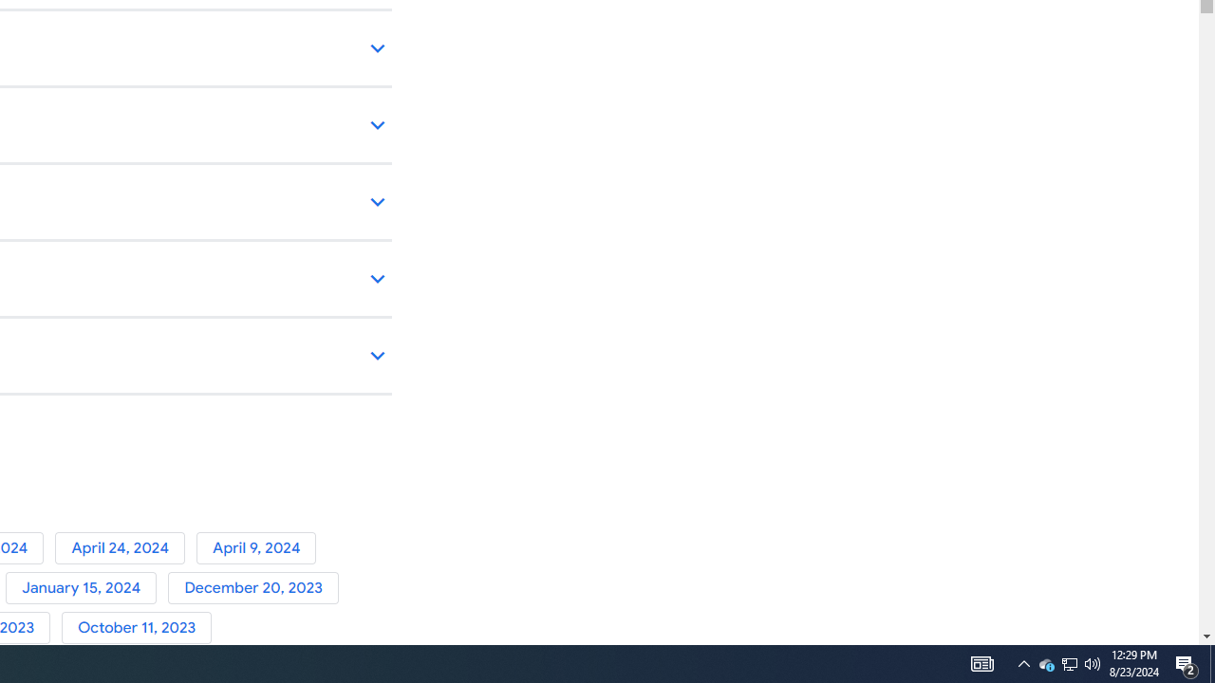 The image size is (1215, 683). I want to click on 'April 9, 2024', so click(258, 547).